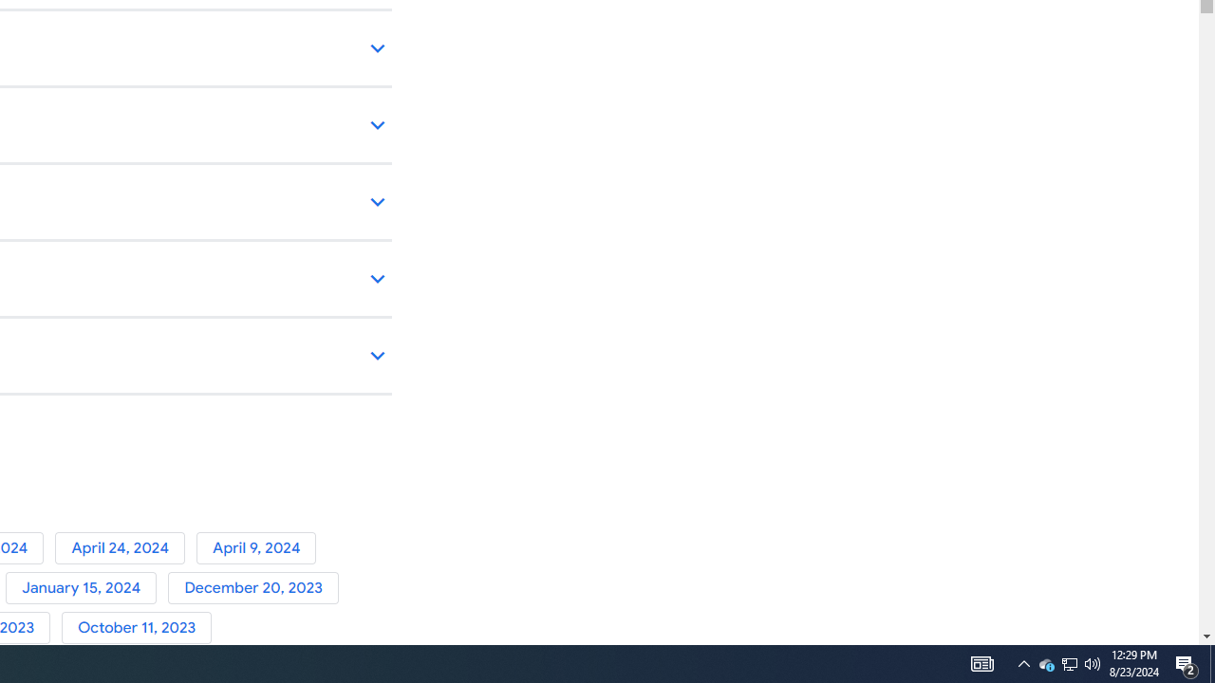 The image size is (1215, 683). I want to click on 'April 9, 2024', so click(258, 547).